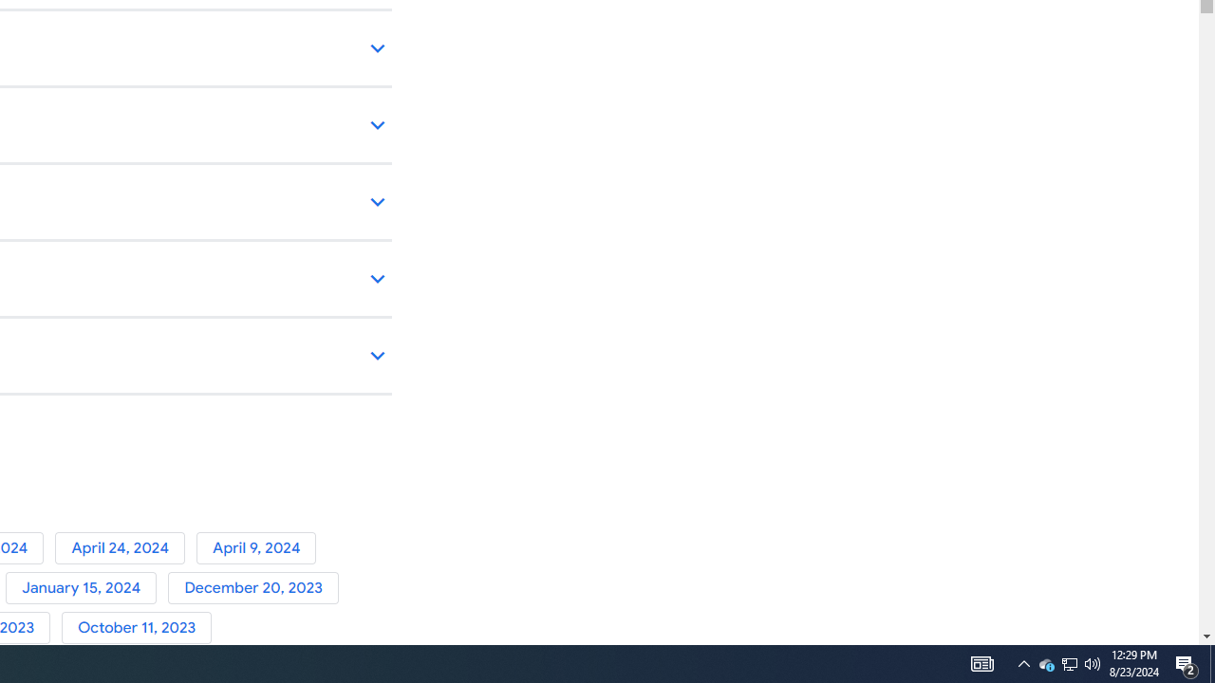 The image size is (1215, 683). I want to click on 'April 9, 2024', so click(258, 547).